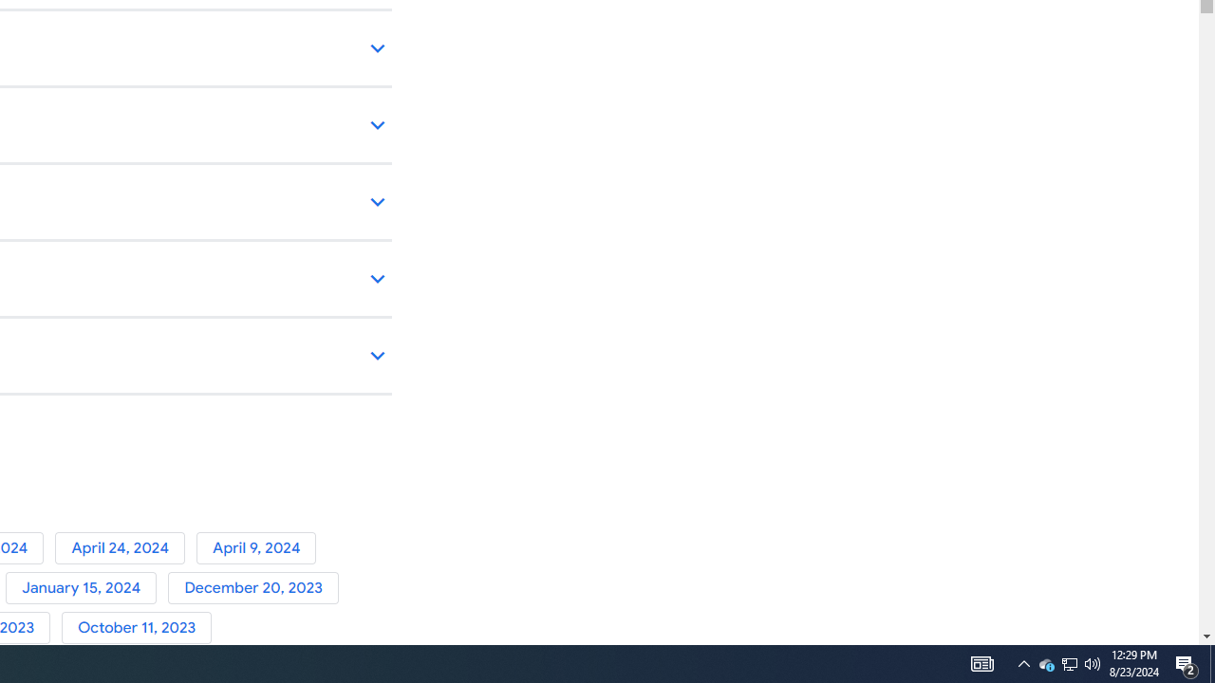 The image size is (1215, 683). I want to click on 'April 9, 2024', so click(258, 547).